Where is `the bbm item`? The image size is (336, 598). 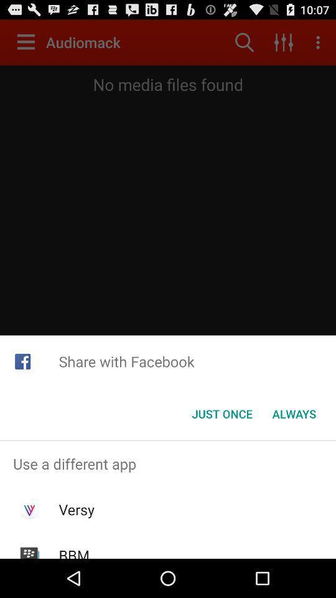
the bbm item is located at coordinates (74, 551).